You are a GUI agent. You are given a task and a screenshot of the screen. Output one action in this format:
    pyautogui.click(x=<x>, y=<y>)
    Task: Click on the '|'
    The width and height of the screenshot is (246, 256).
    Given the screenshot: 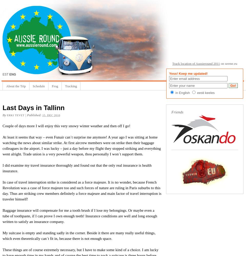 What is the action you would take?
    pyautogui.click(x=26, y=115)
    